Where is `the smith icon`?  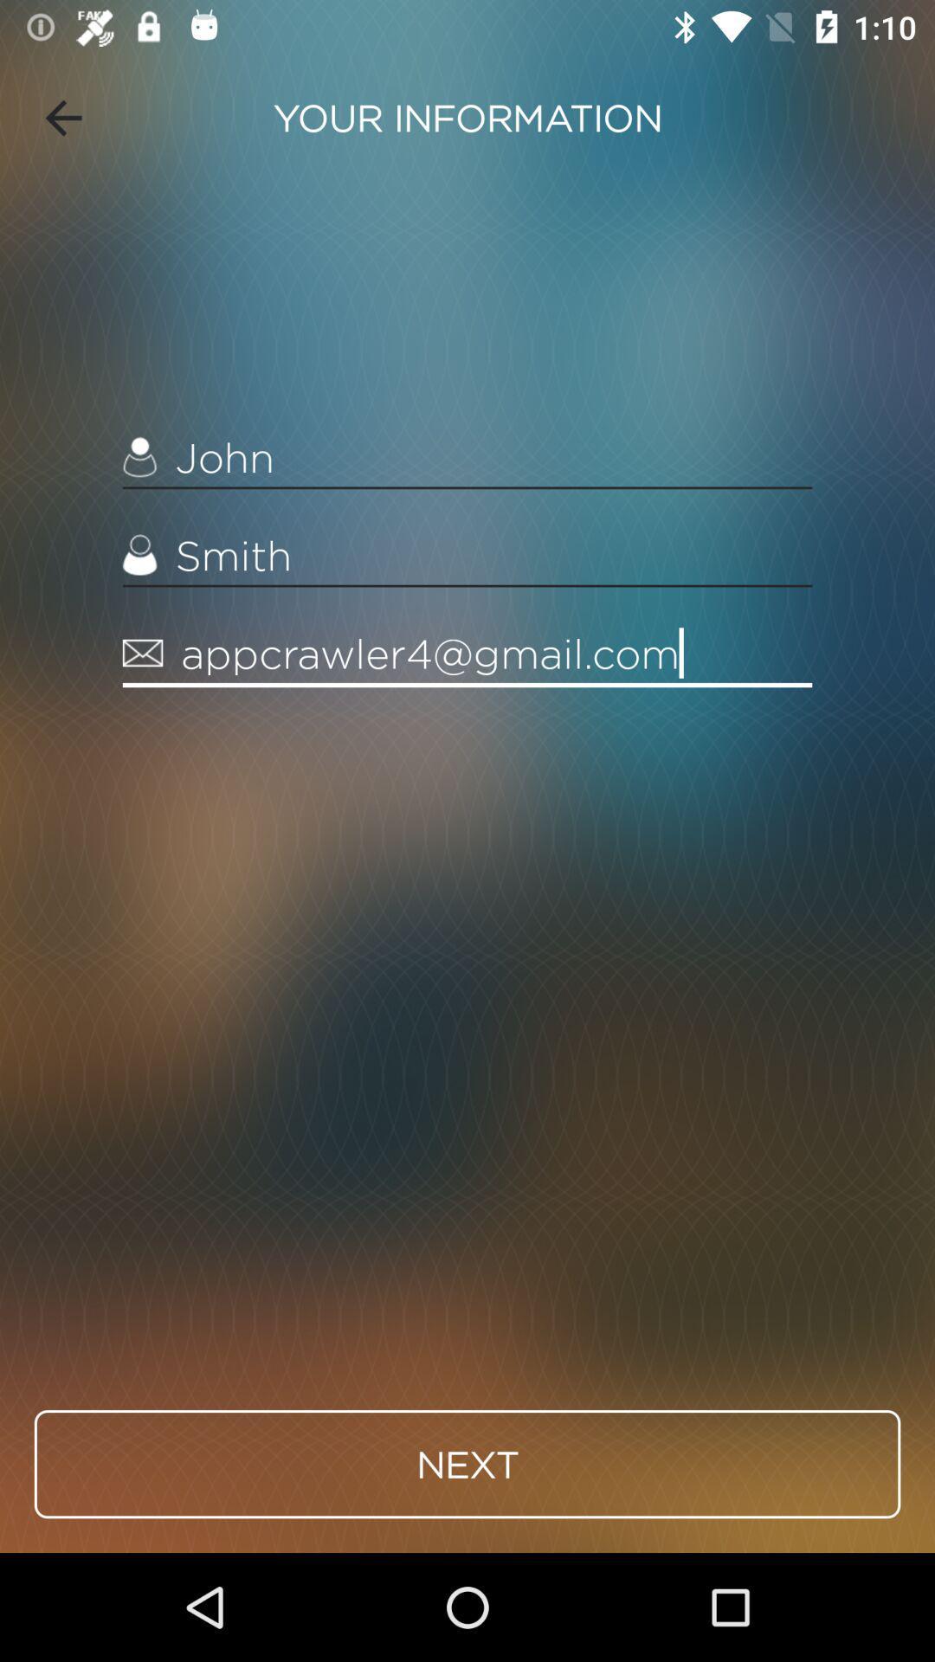 the smith icon is located at coordinates (467, 556).